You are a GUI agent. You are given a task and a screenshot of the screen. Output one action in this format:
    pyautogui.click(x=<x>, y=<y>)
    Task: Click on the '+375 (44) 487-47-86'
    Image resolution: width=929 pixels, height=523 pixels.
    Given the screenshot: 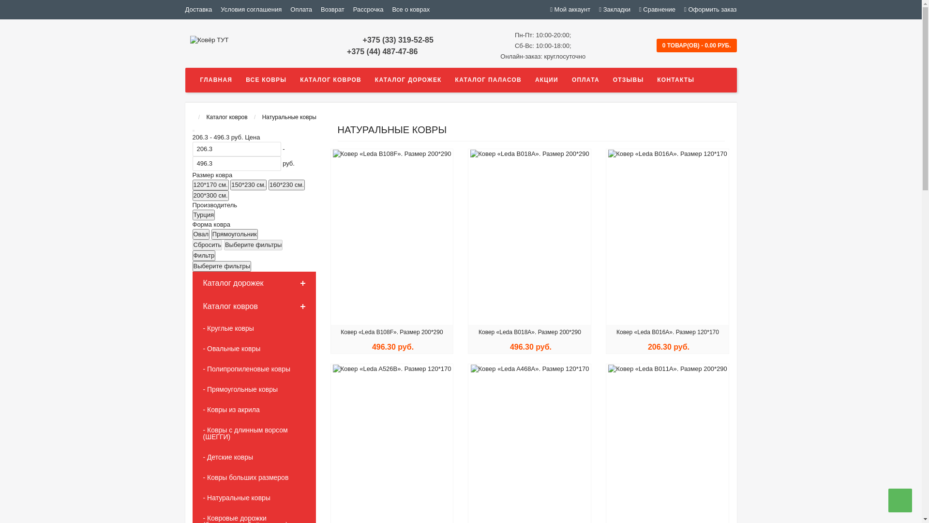 What is the action you would take?
    pyautogui.click(x=382, y=51)
    